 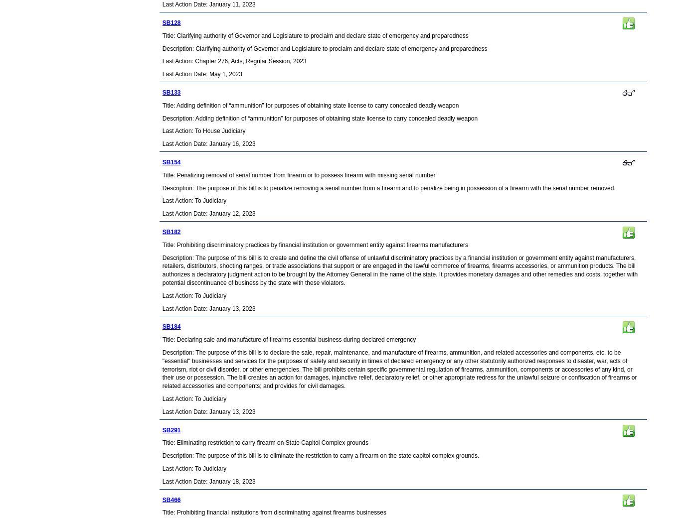 I want to click on 'Title: Penalizing removal of serial number from firearm or to possess firearm with missing serial number', so click(x=298, y=174).